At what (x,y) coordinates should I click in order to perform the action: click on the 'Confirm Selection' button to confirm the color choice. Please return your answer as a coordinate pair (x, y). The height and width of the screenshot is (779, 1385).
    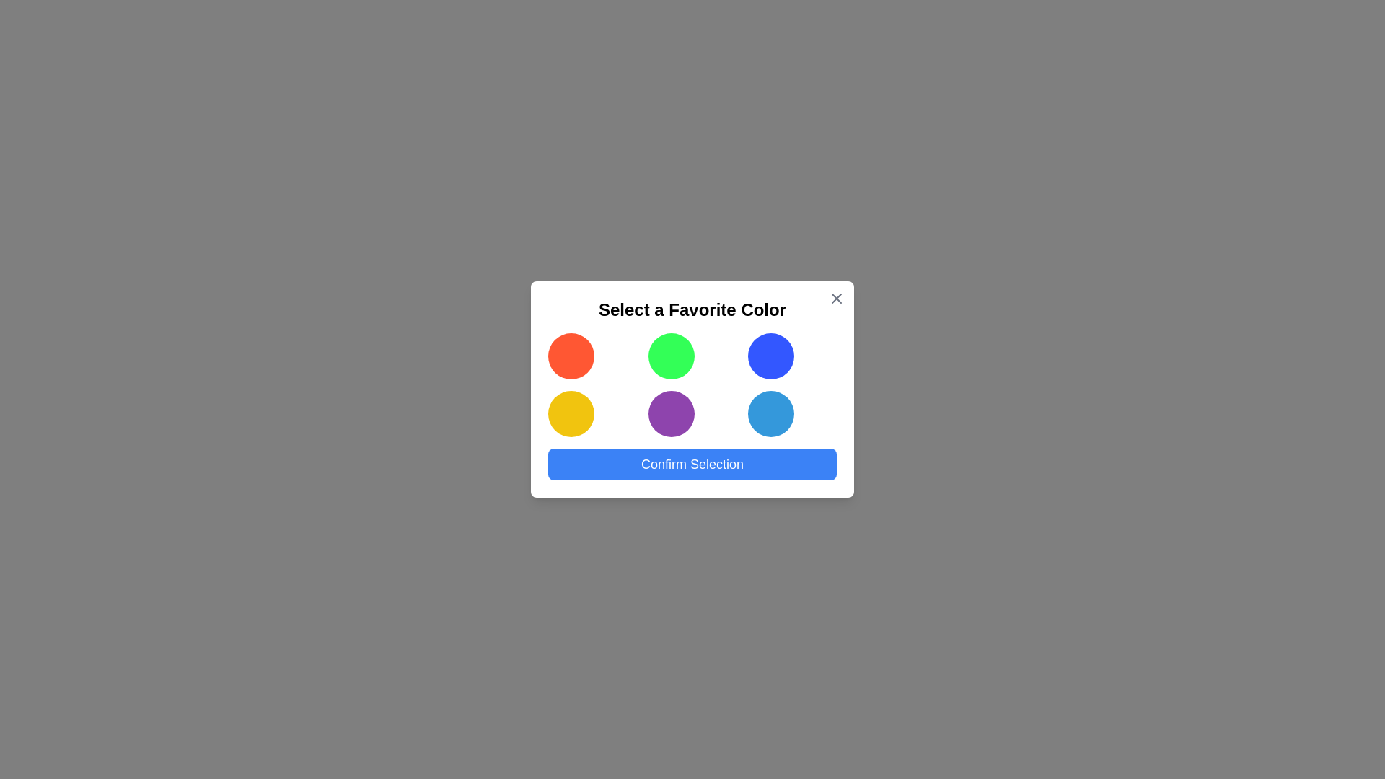
    Looking at the image, I should click on (692, 465).